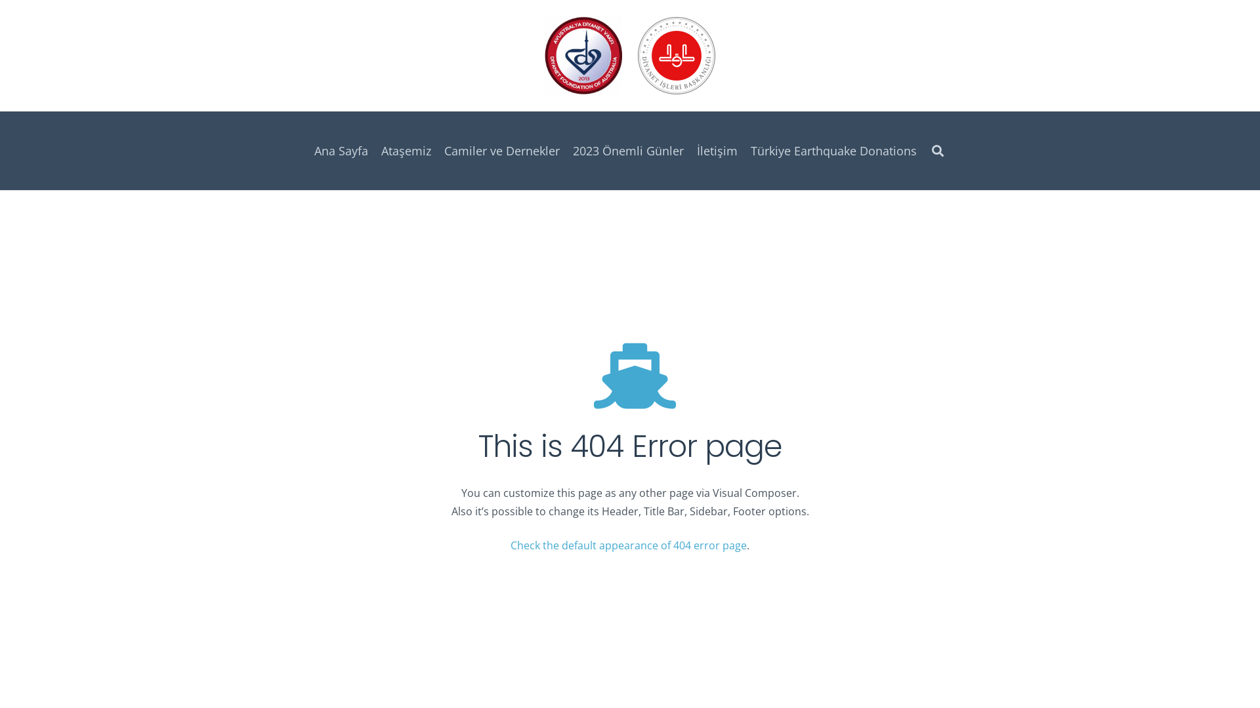  Describe the element at coordinates (438, 150) in the screenshot. I see `'Camiler ve Dernekler'` at that location.